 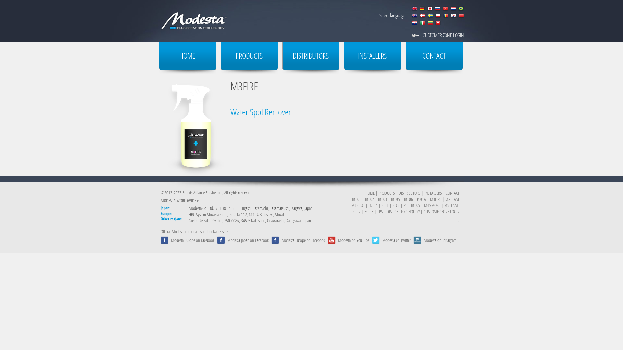 I want to click on 'Modesta on Twitter', so click(x=396, y=240).